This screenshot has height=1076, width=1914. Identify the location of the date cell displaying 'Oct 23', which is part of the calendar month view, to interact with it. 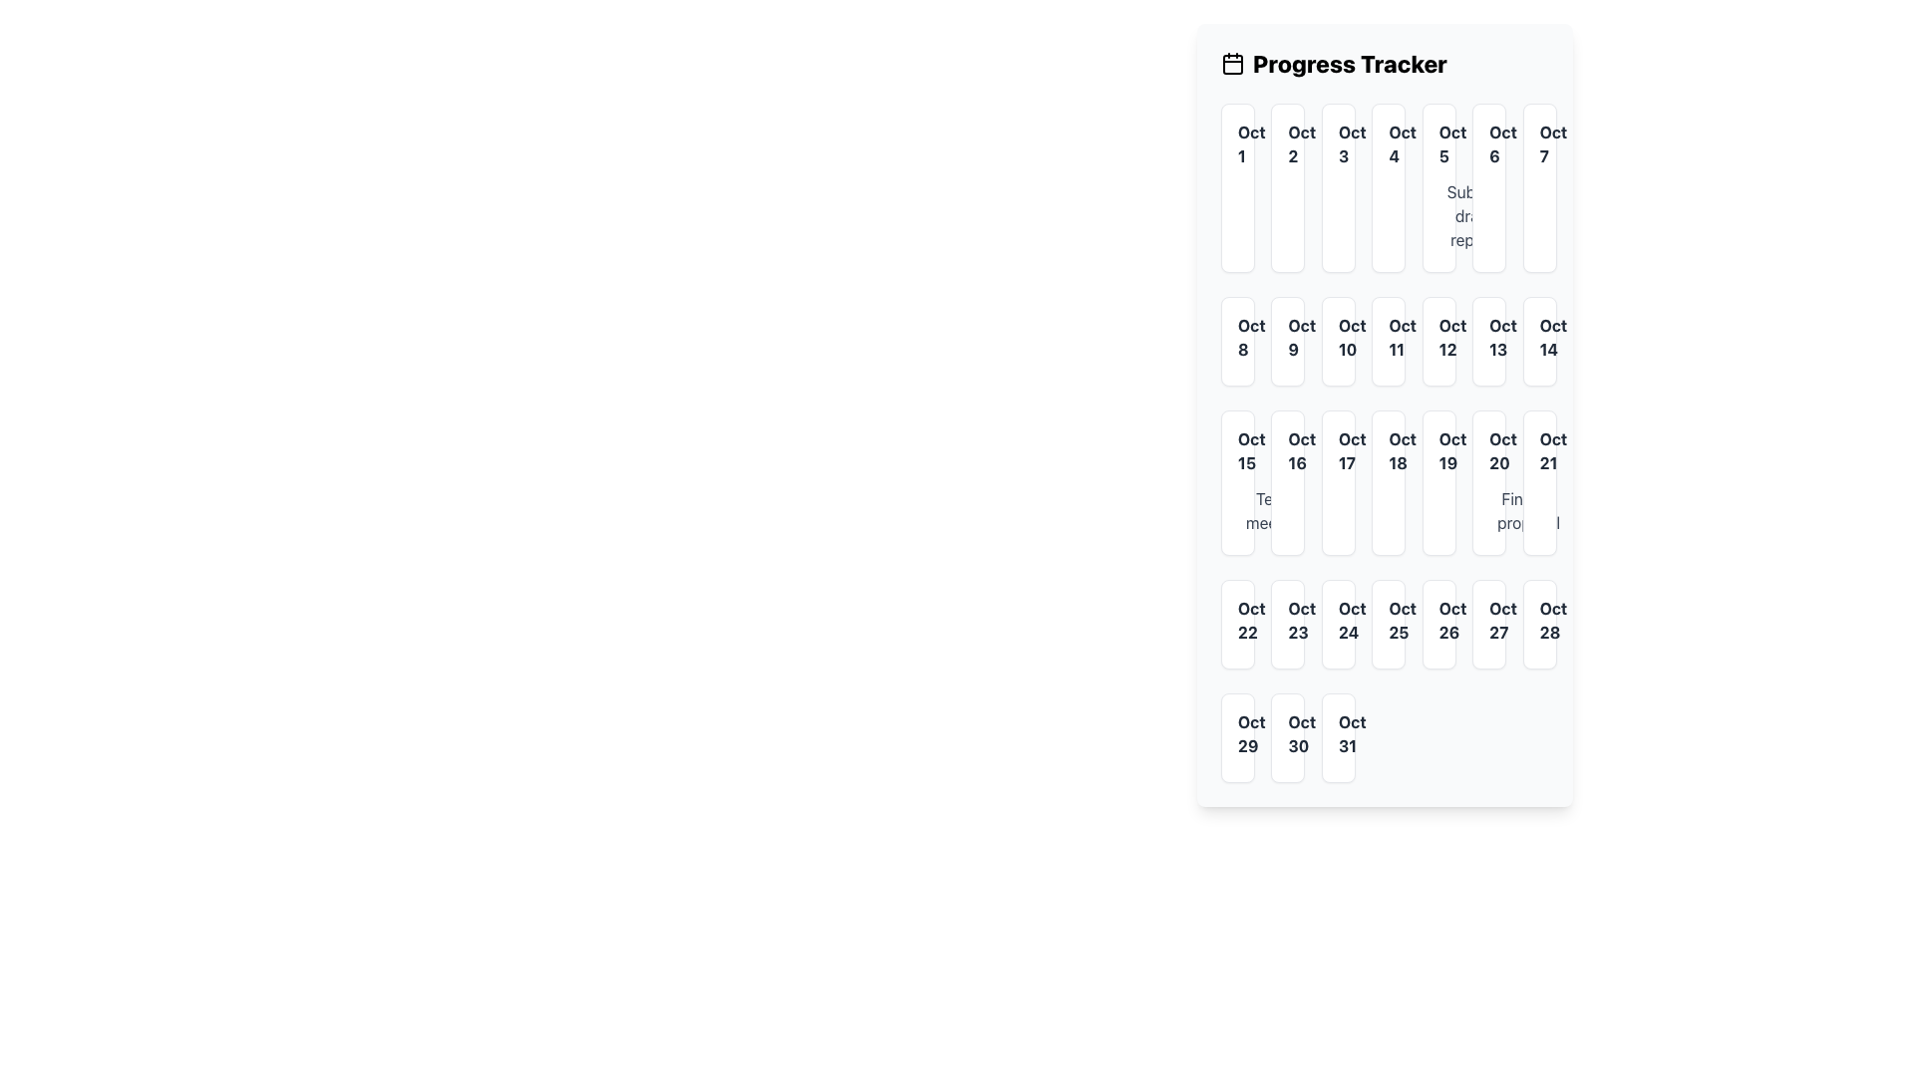
(1288, 624).